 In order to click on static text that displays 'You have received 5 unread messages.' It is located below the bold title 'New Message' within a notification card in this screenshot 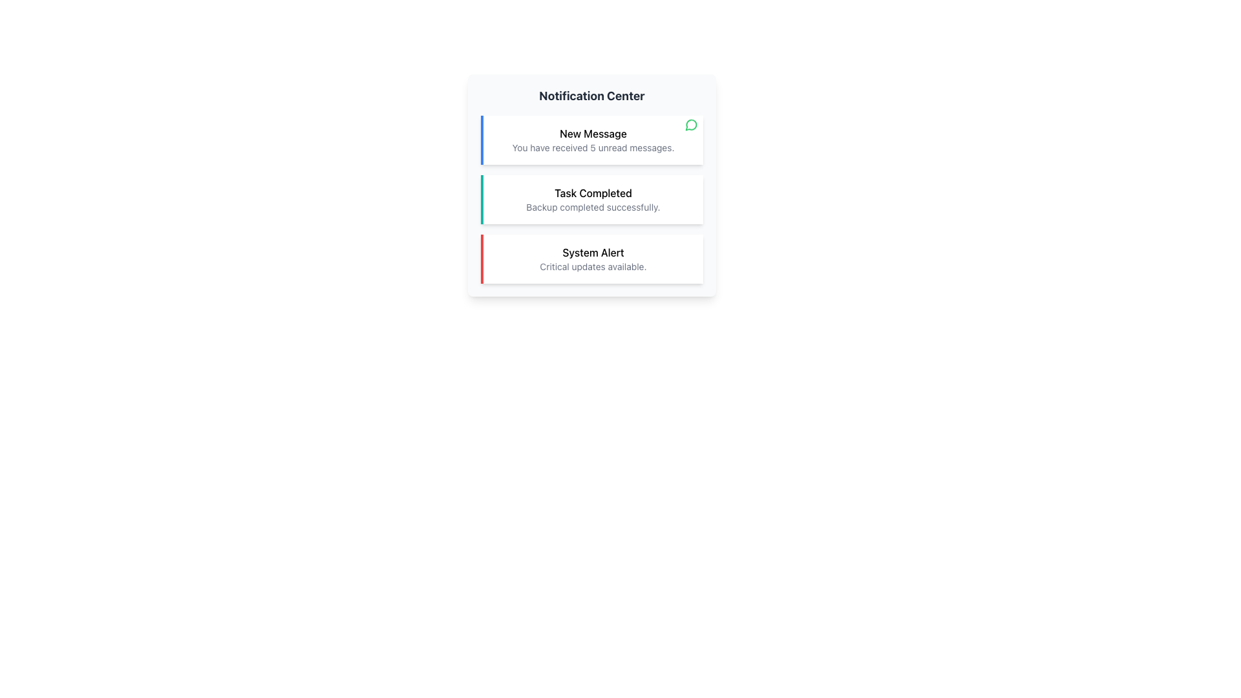, I will do `click(592, 147)`.